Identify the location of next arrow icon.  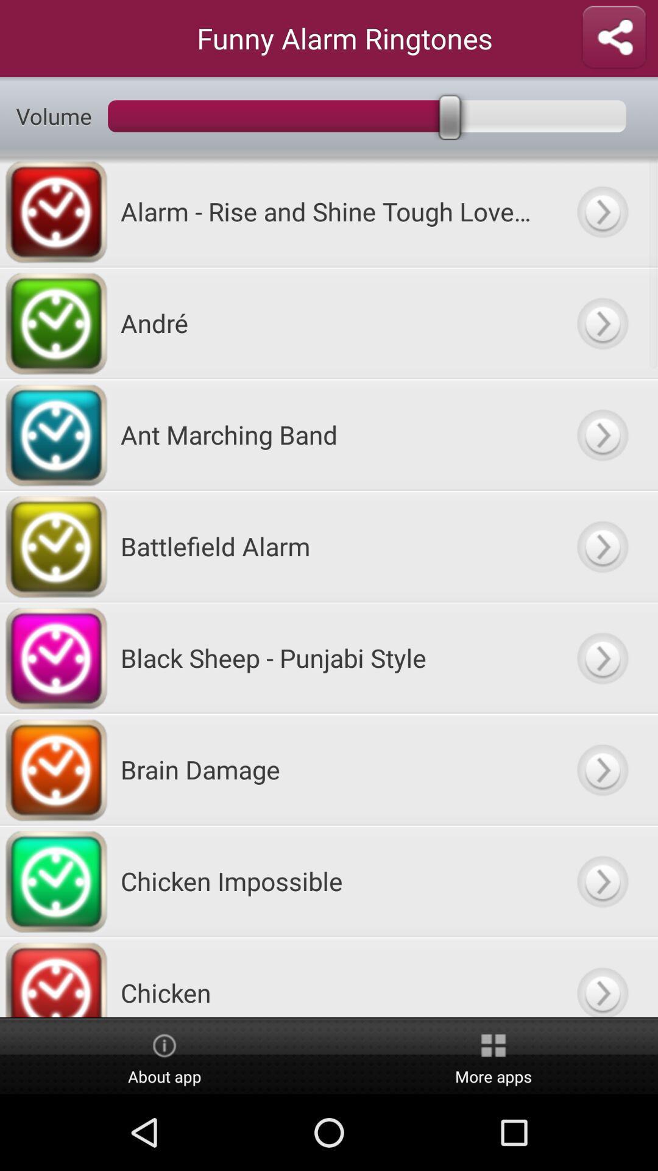
(601, 657).